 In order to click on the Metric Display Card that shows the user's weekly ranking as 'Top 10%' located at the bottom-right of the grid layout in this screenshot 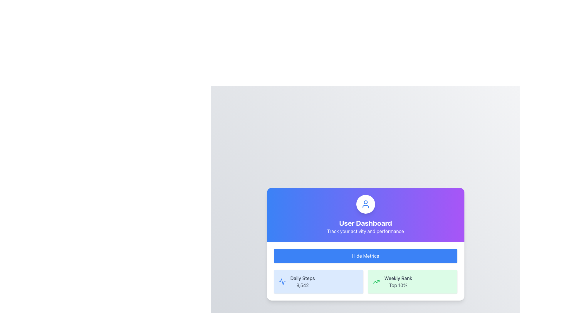, I will do `click(412, 281)`.